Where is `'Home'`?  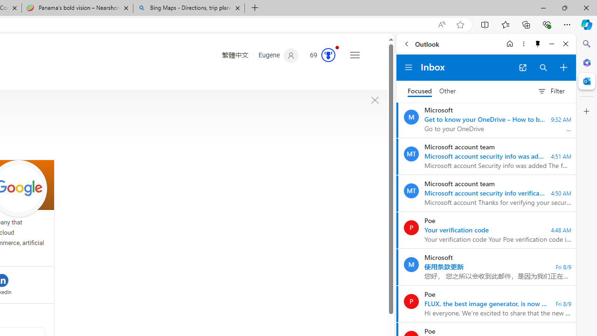 'Home' is located at coordinates (509, 43).